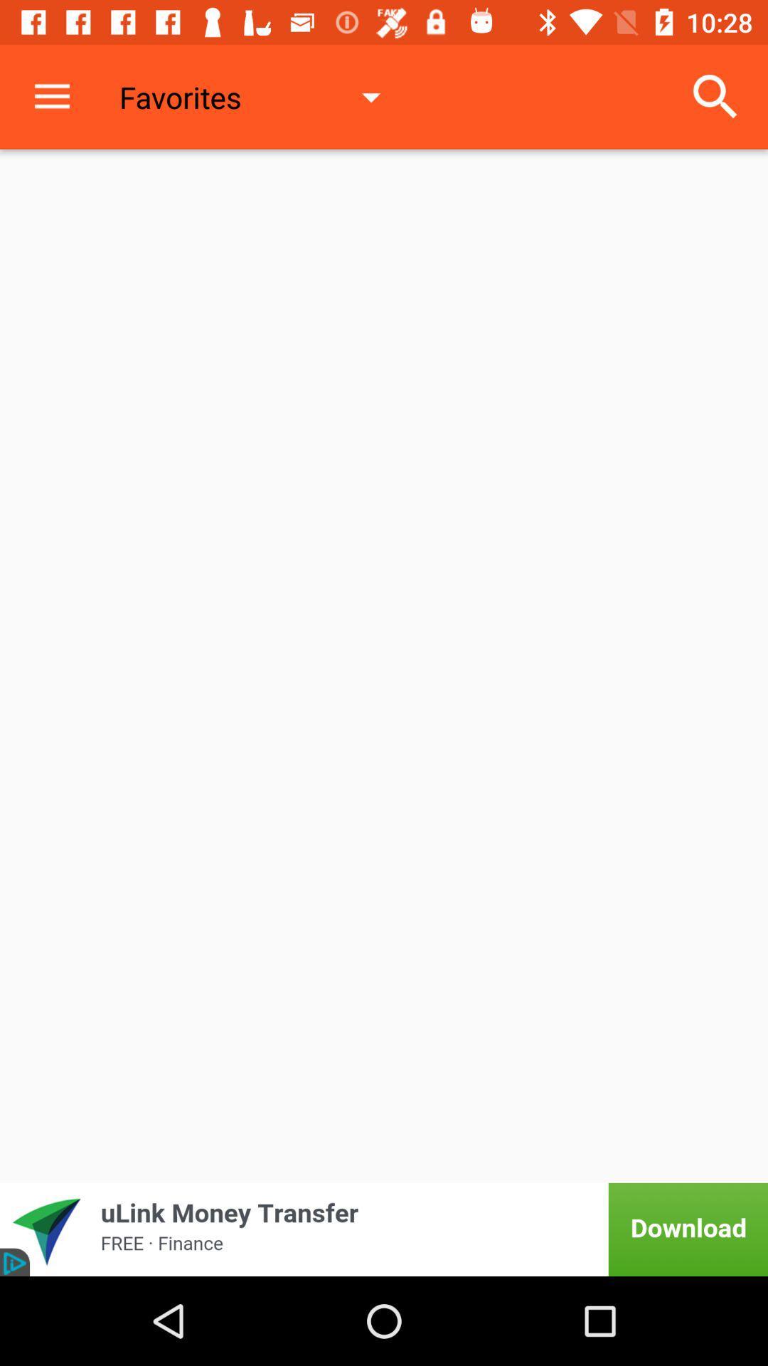 The height and width of the screenshot is (1366, 768). I want to click on access advertisement, so click(384, 1229).